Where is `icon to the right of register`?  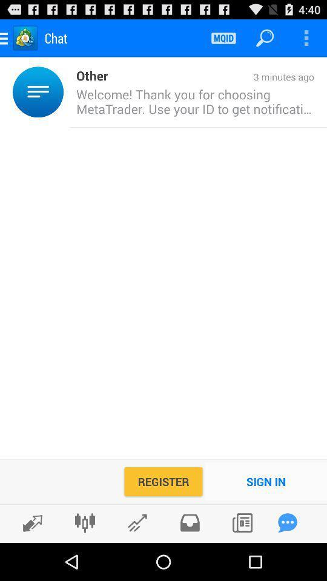
icon to the right of register is located at coordinates (265, 481).